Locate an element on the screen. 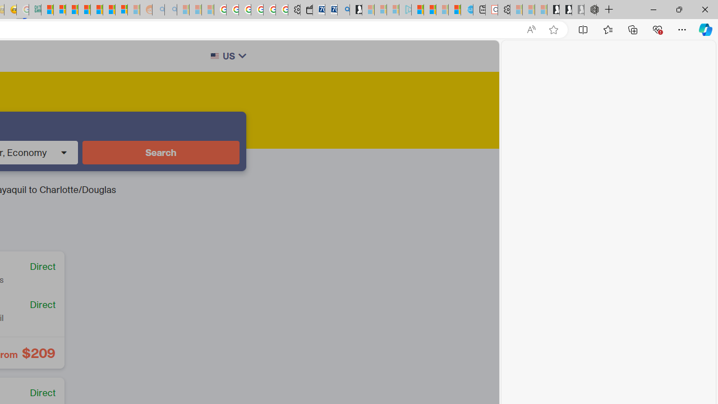  'Restore' is located at coordinates (678, 9).